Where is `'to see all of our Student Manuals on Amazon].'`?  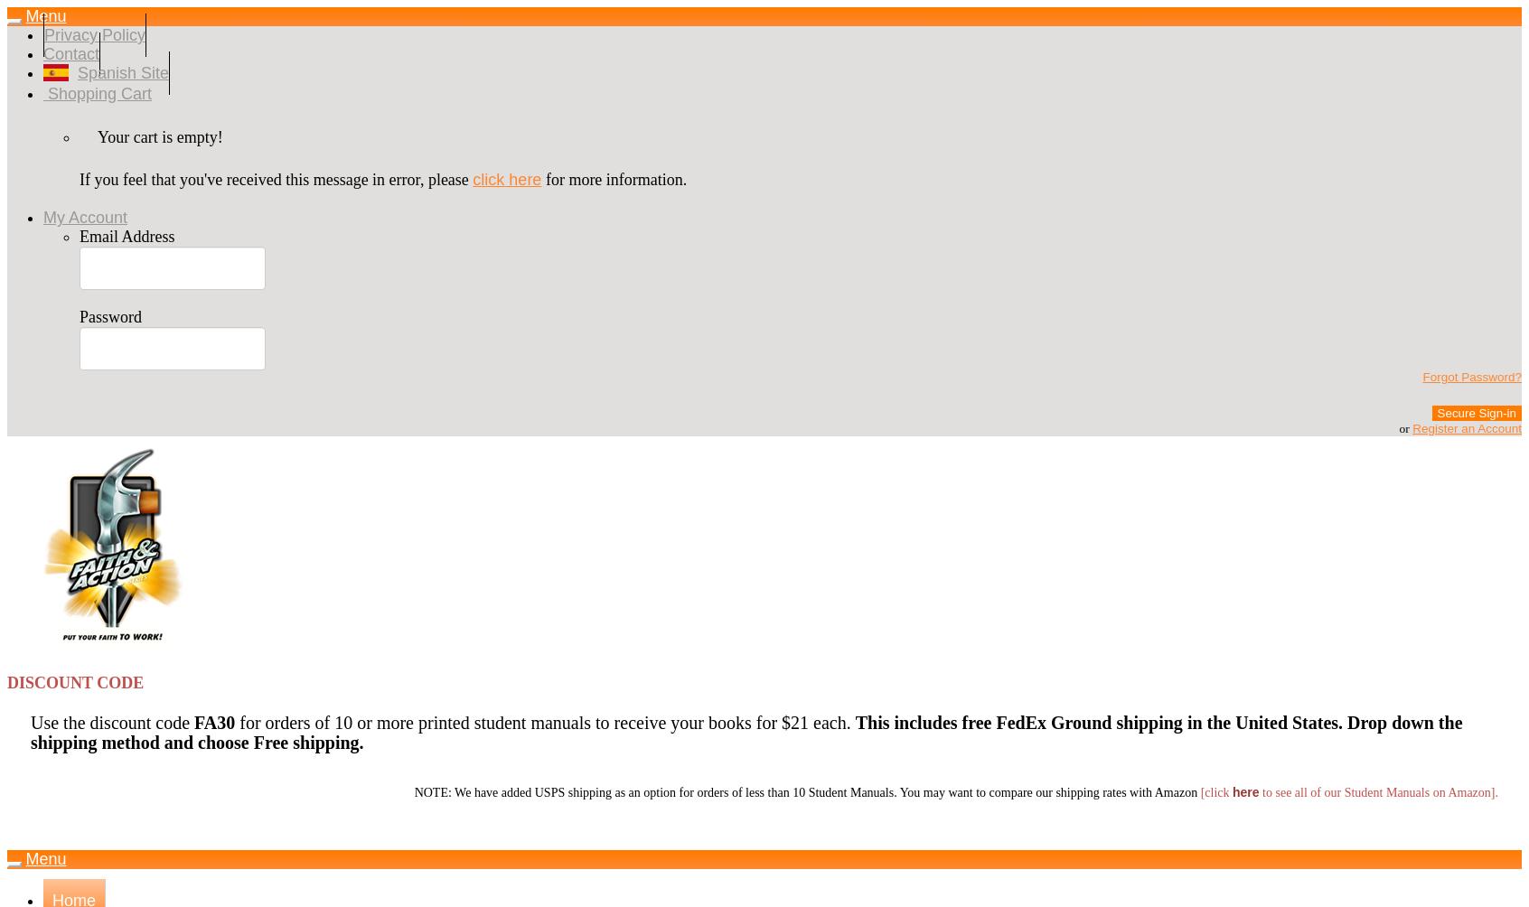 'to see all of our Student Manuals on Amazon].' is located at coordinates (1378, 792).